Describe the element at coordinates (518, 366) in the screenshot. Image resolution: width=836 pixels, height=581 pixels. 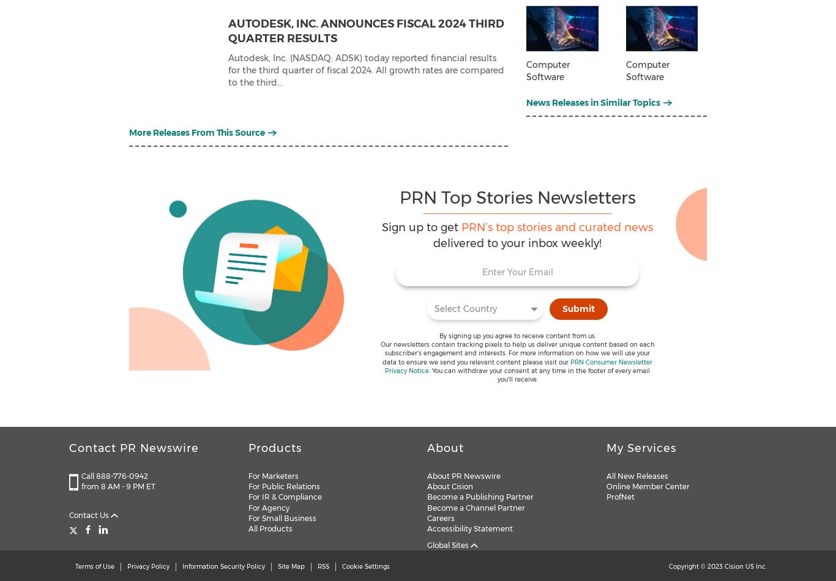
I see `'PRN Consumer Newsletter Privacy Notice'` at that location.